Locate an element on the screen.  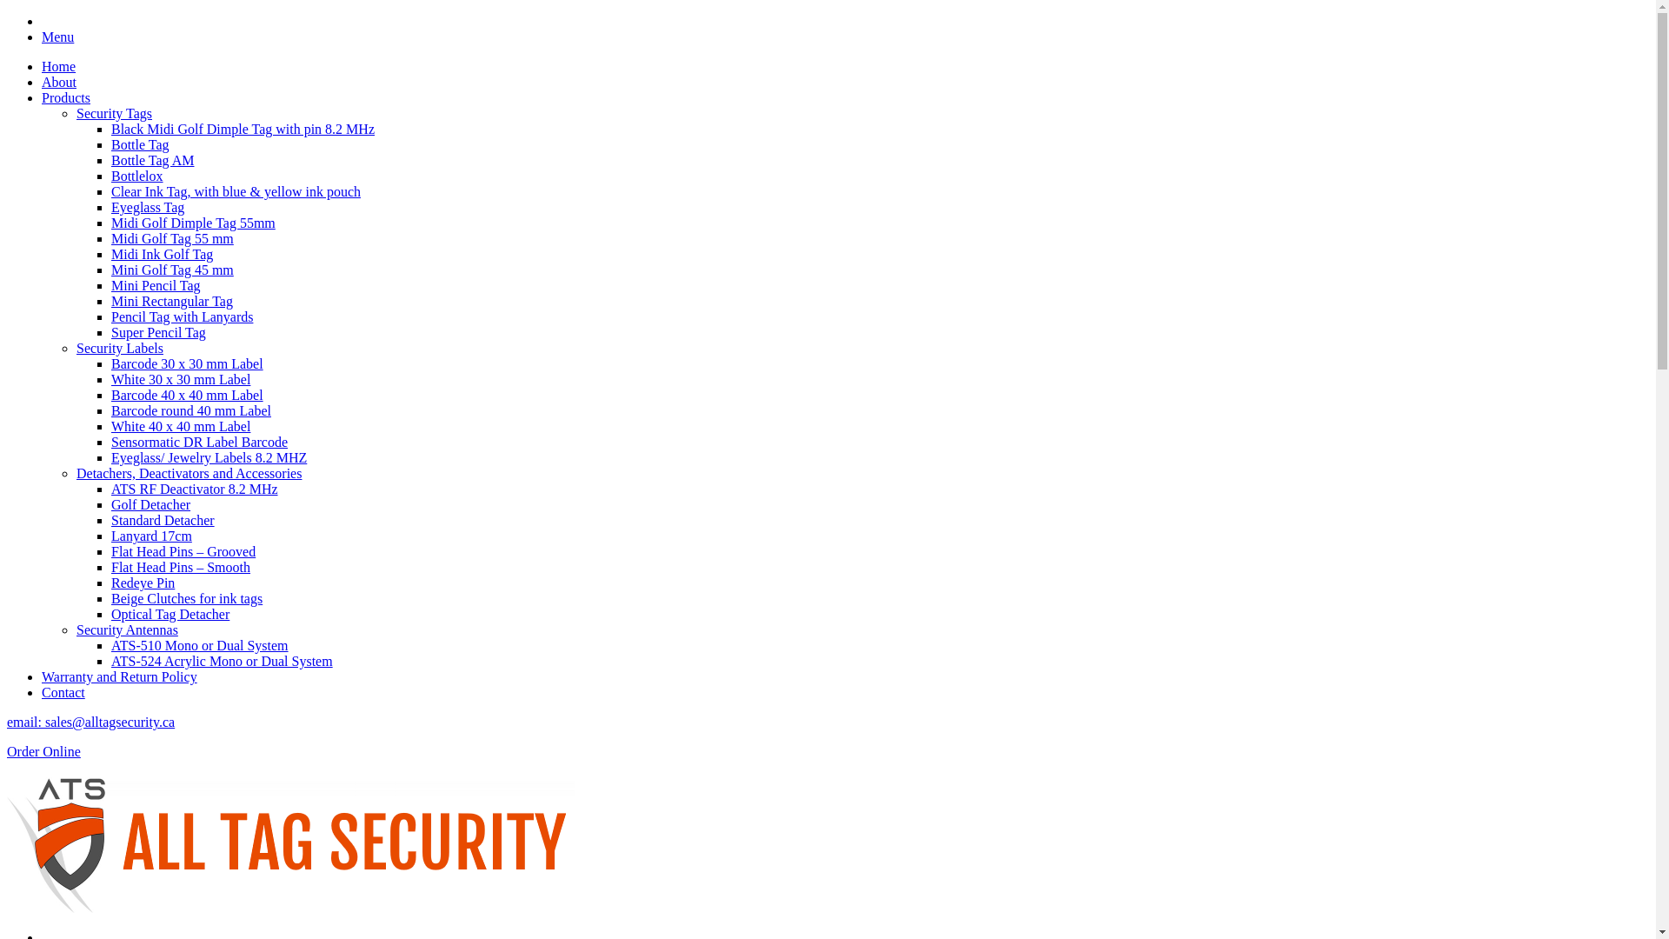
'Security Labels' is located at coordinates (119, 348).